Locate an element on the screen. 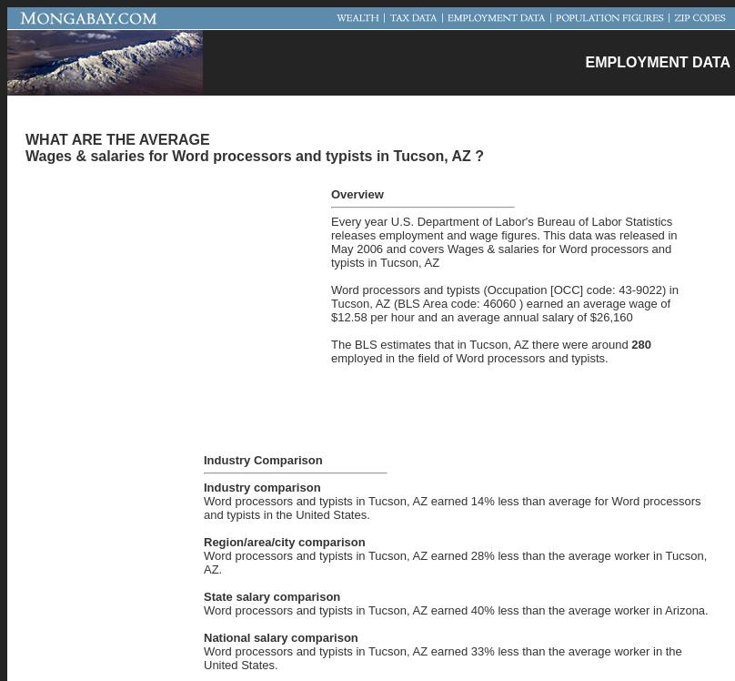  'Word processors and typists in Tucson, AZ earned 28% less than the average worker in Tucson, AZ.' is located at coordinates (455, 561).